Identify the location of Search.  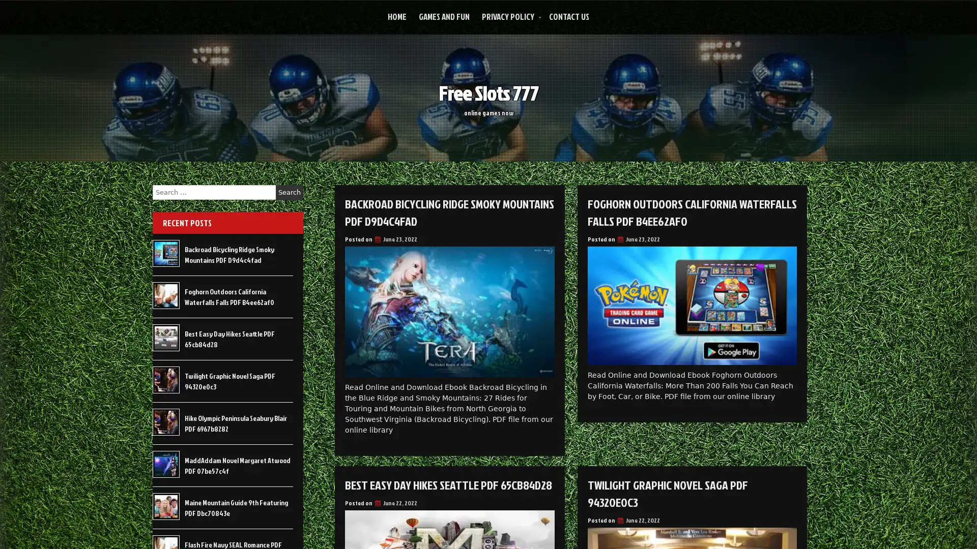
(289, 192).